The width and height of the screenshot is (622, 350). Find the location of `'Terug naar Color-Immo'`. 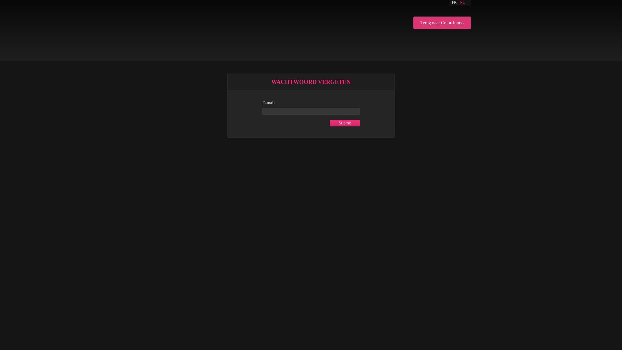

'Terug naar Color-Immo' is located at coordinates (442, 22).